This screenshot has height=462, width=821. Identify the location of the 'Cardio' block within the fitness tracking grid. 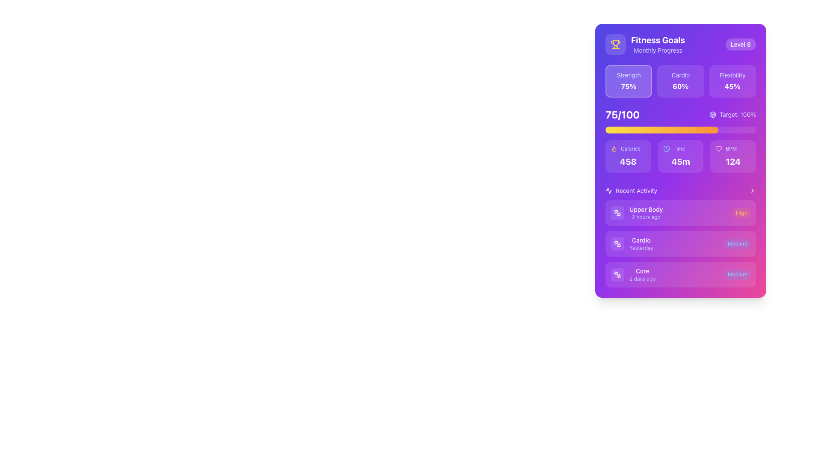
(680, 81).